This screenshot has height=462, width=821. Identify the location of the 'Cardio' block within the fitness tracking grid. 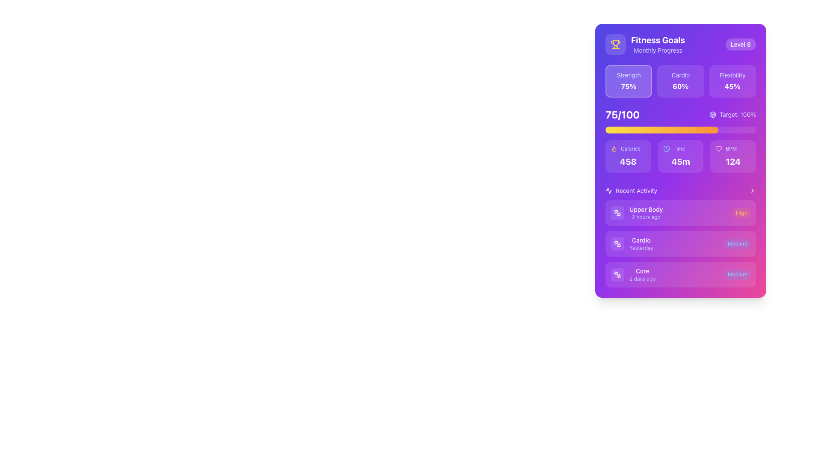
(680, 81).